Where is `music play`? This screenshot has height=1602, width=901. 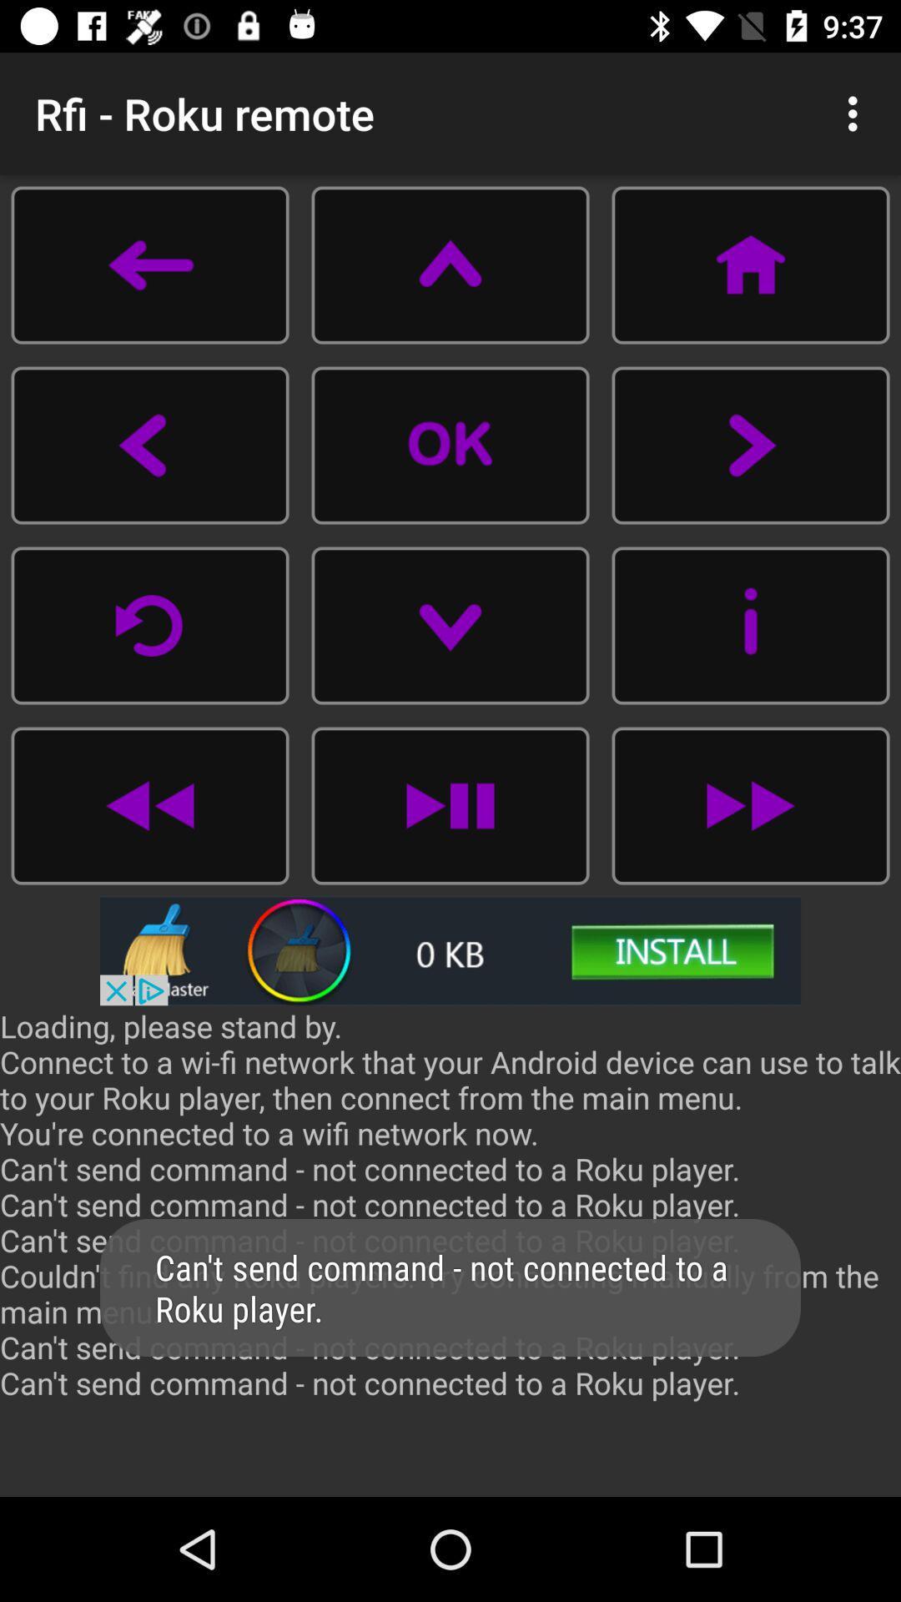
music play is located at coordinates (749, 805).